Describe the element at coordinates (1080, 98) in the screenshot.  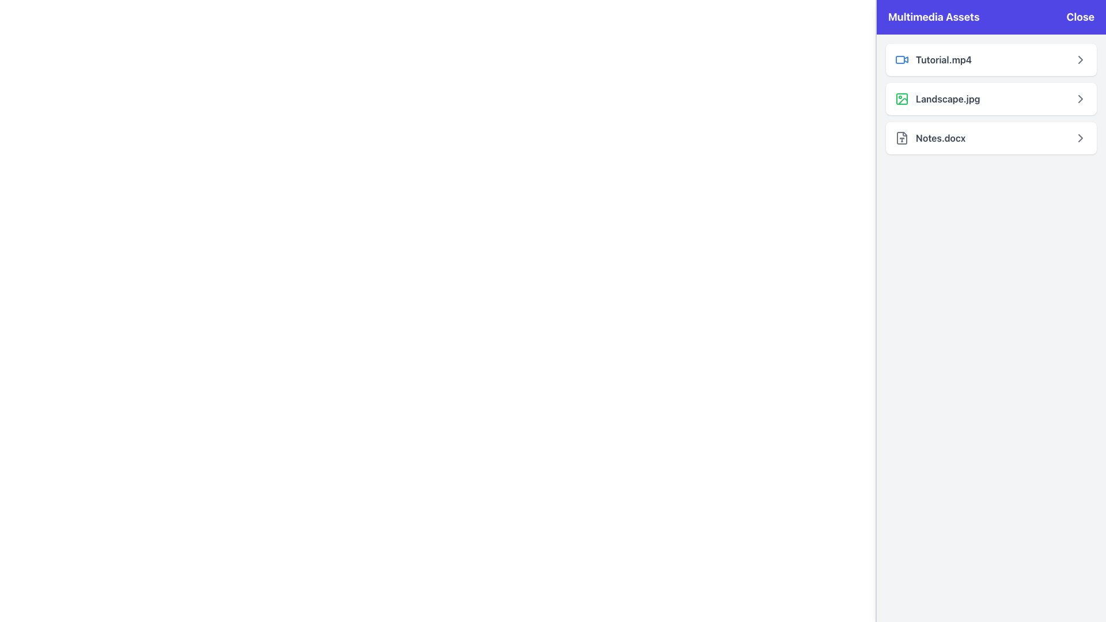
I see `the chevron arrow icon used for forward navigation or link expansion, which is positioned to the right of the text items like 'Tutorial.mp4' or 'Notes.docx'` at that location.